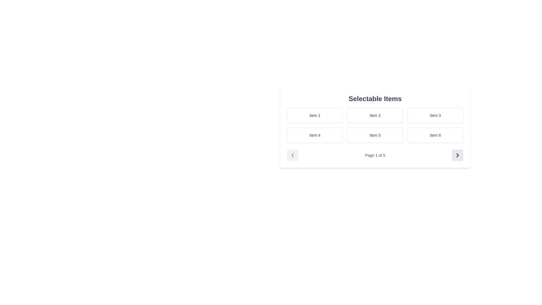 Image resolution: width=542 pixels, height=305 pixels. I want to click on the clickable card labeled 'Item 5', which is a rectangular area with a white background and dark gray text, located in the grid layout as the second item in the second row, so click(375, 135).